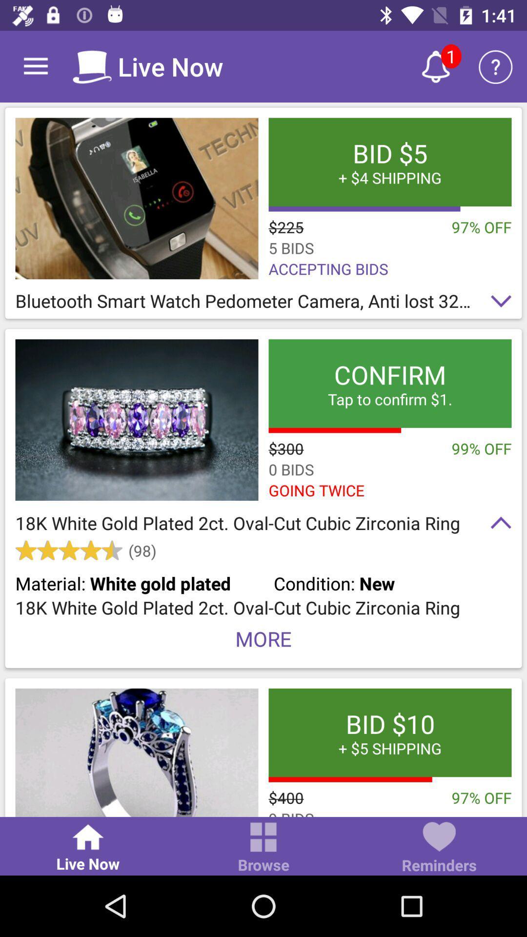 The image size is (527, 937). Describe the element at coordinates (496, 66) in the screenshot. I see `the item above bid 5 4` at that location.